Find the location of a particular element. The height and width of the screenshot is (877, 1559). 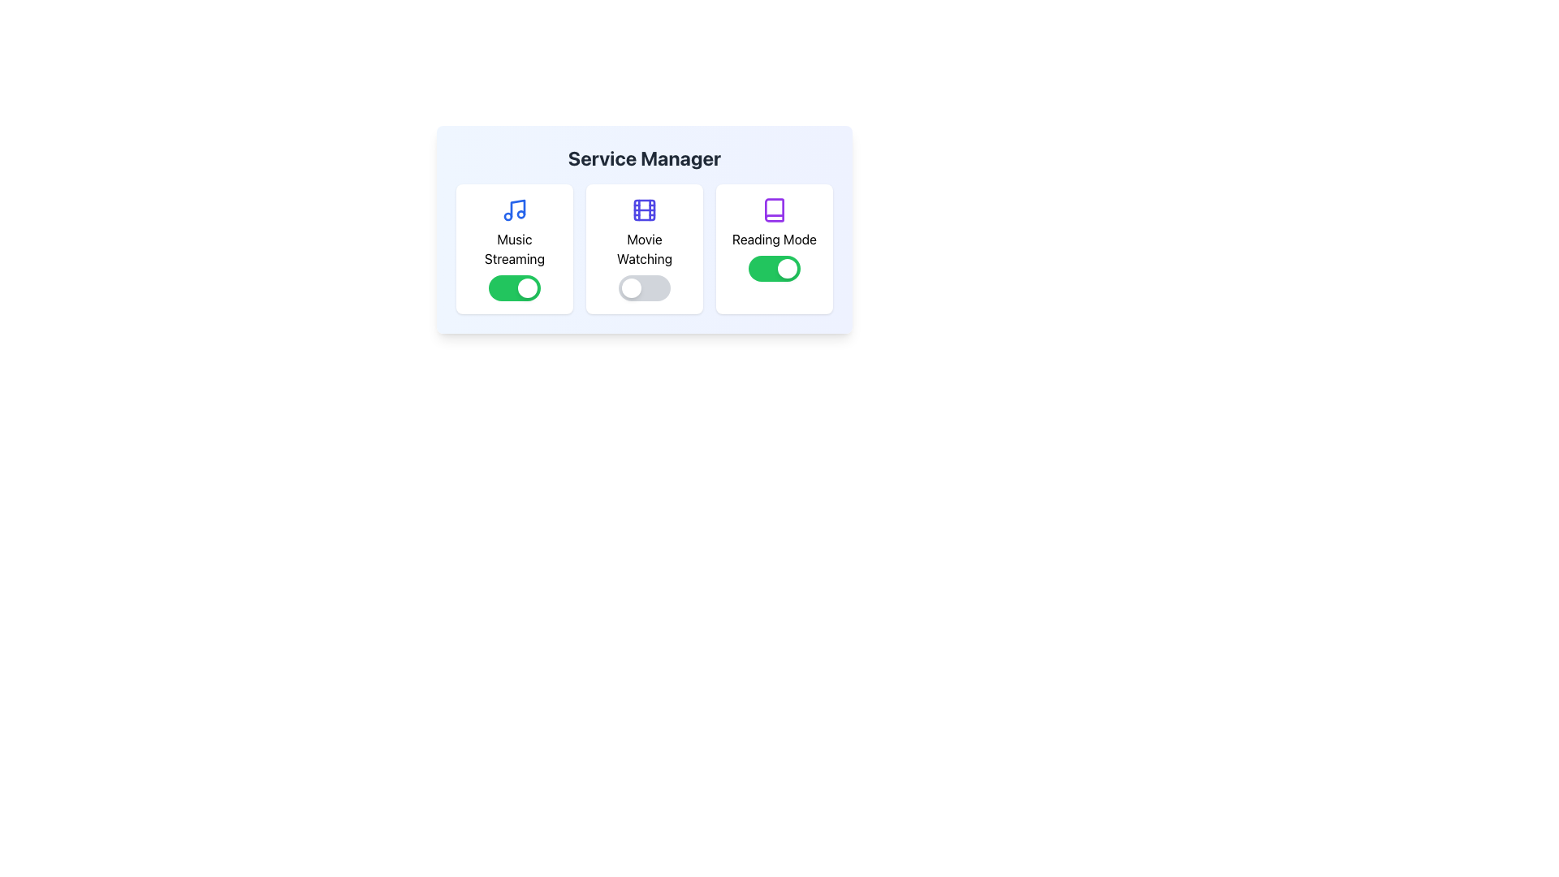

the toggle switch handle located towards the left side of the 'Movie Watching' toggle switch is located at coordinates (630, 287).